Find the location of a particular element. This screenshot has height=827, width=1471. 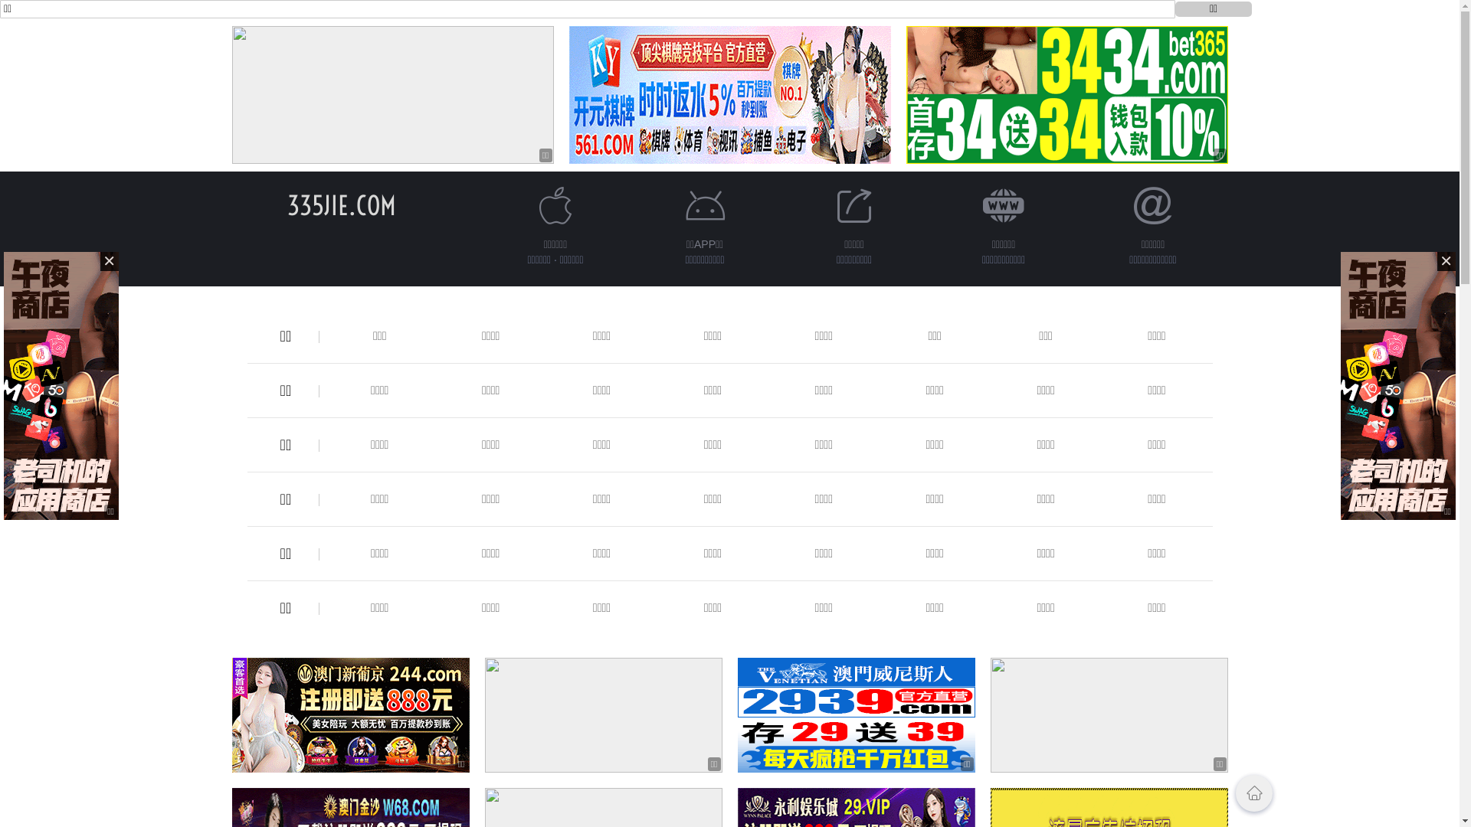

'335JIE.COM' is located at coordinates (340, 204).